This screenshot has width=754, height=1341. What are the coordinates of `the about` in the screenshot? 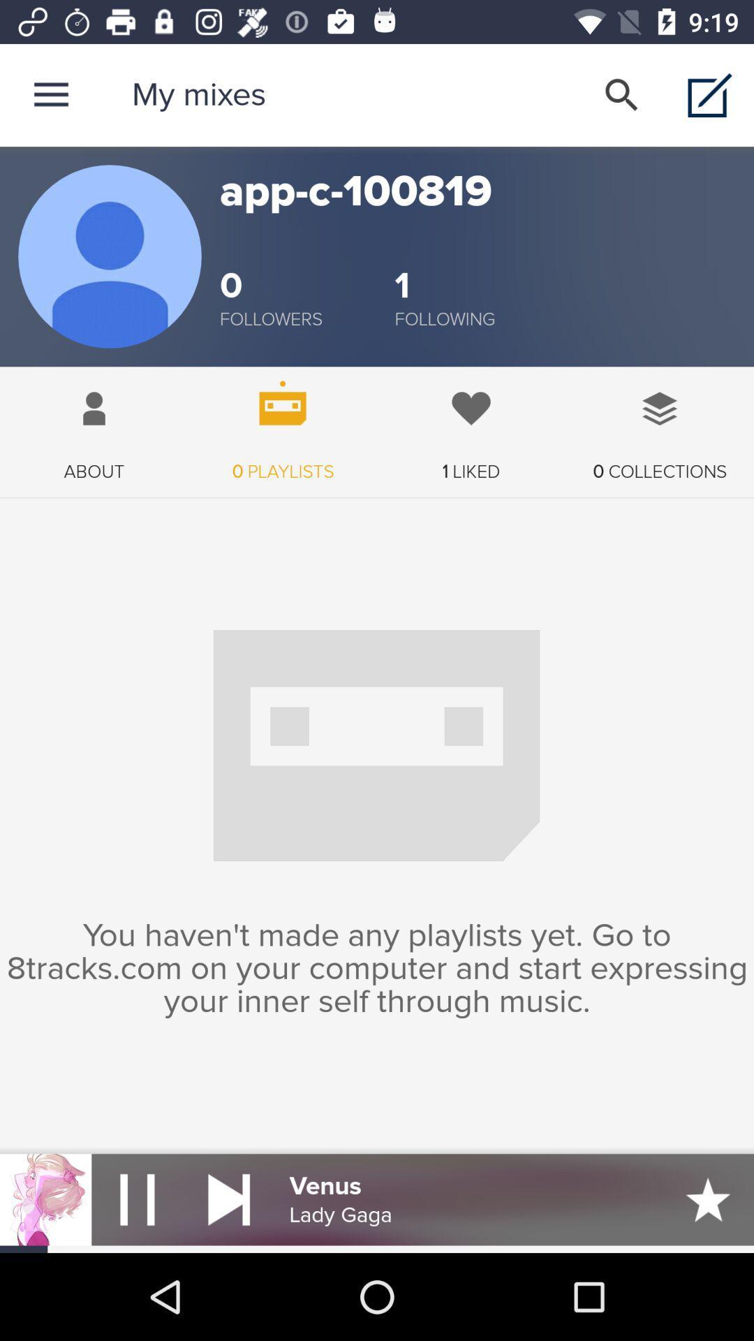 It's located at (94, 424).